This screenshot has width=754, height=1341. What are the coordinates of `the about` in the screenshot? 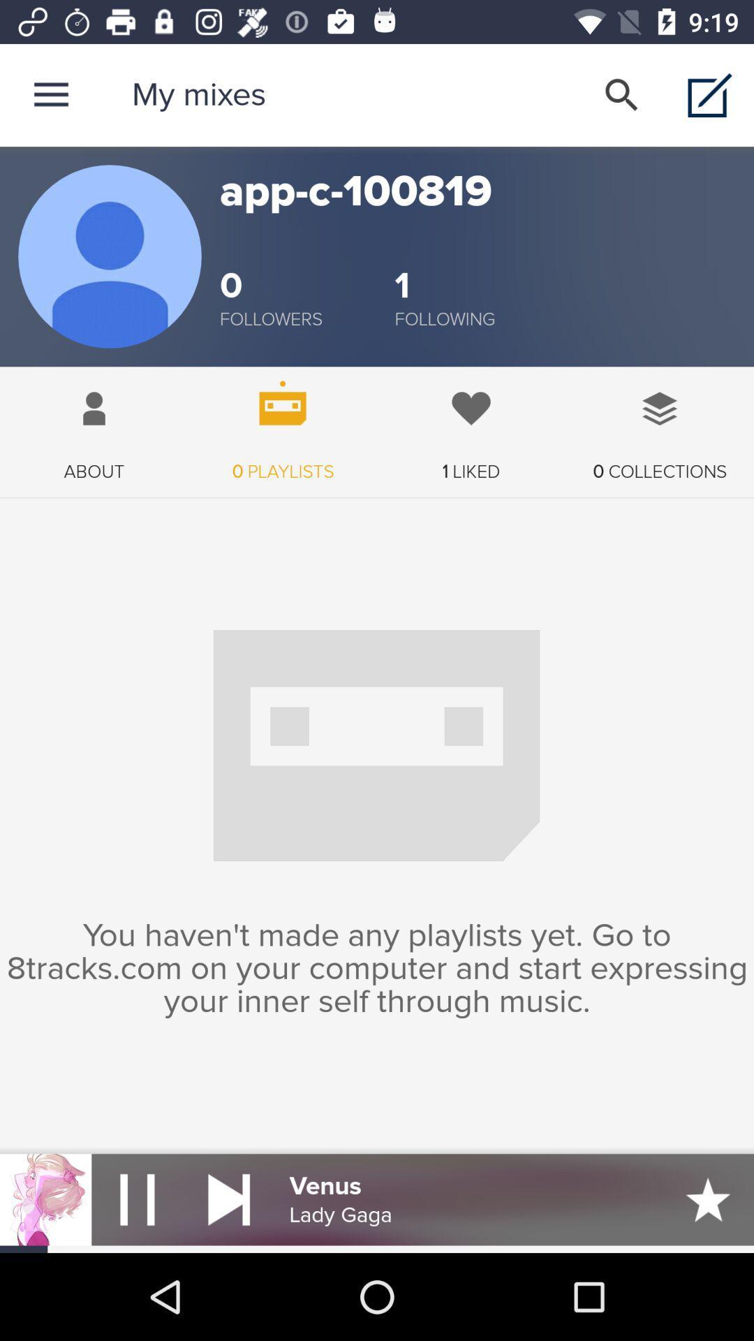 It's located at (94, 424).